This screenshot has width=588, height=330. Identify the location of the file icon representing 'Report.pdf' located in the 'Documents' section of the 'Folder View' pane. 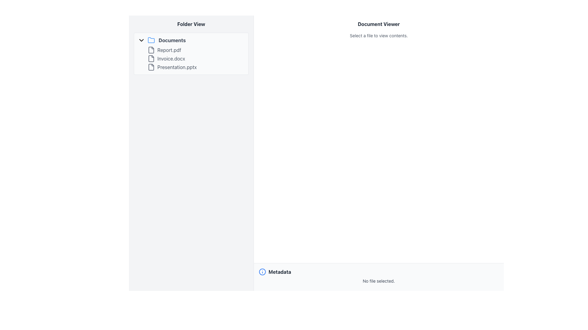
(151, 50).